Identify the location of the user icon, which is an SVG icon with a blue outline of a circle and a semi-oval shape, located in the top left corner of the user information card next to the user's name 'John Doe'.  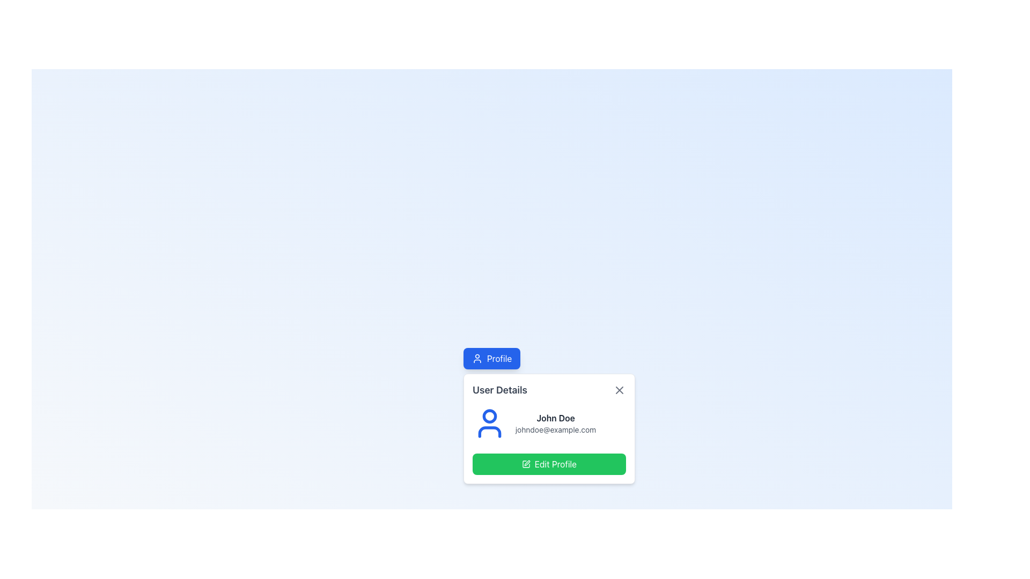
(489, 423).